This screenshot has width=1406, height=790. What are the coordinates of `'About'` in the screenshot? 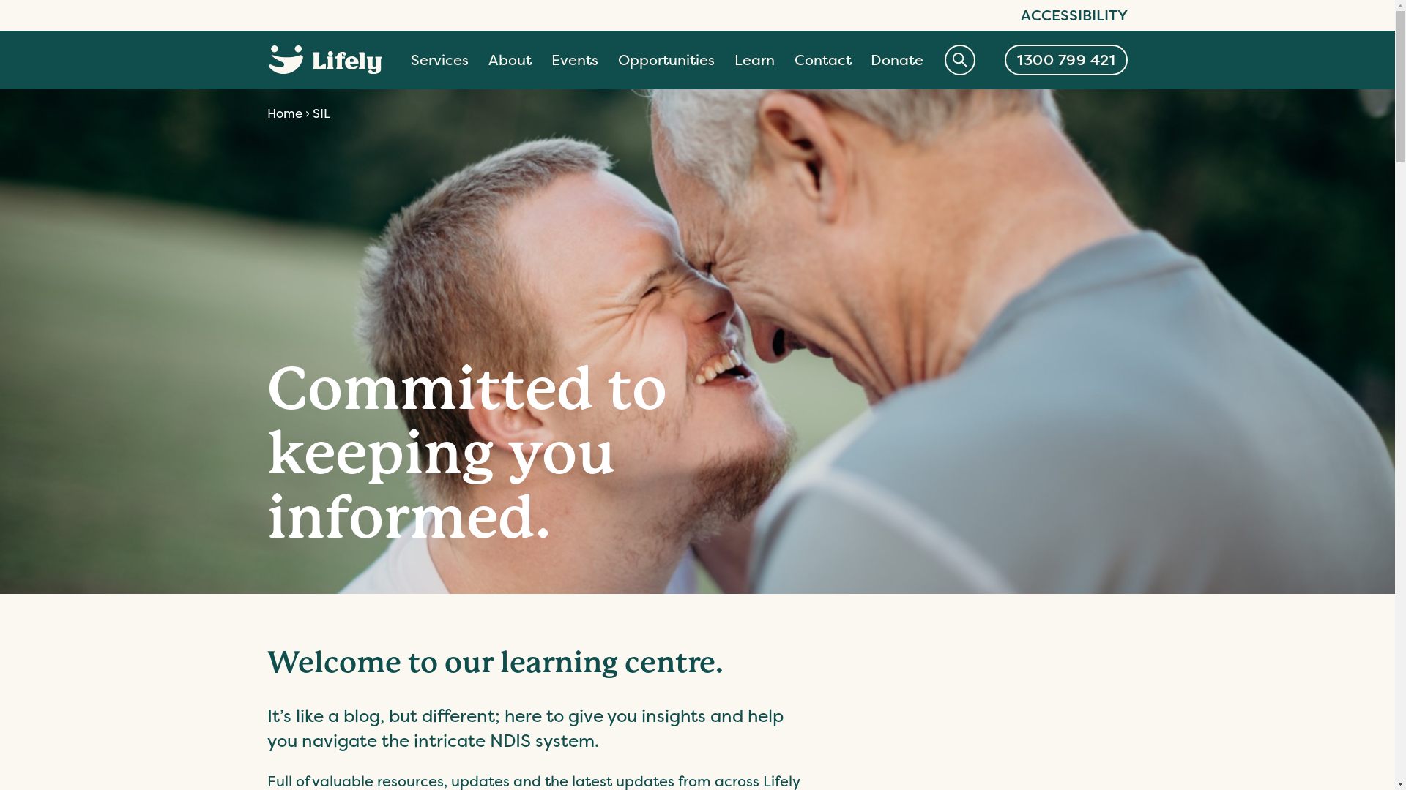 It's located at (510, 60).